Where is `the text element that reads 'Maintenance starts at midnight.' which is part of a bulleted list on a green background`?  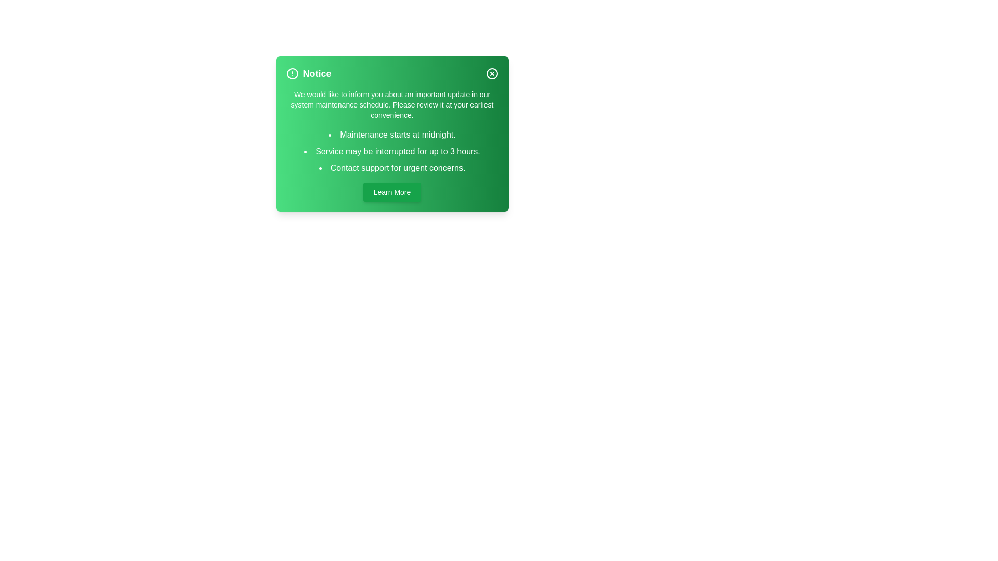
the text element that reads 'Maintenance starts at midnight.' which is part of a bulleted list on a green background is located at coordinates (391, 134).